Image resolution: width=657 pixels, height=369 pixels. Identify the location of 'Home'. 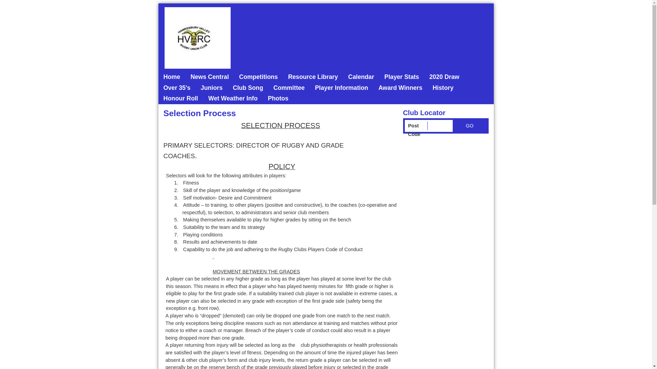
(171, 77).